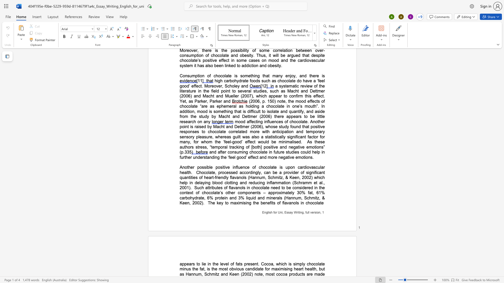 Image resolution: width=504 pixels, height=283 pixels. Describe the element at coordinates (187, 203) in the screenshot. I see `the space between the continuous character "e" and "n" in the text` at that location.